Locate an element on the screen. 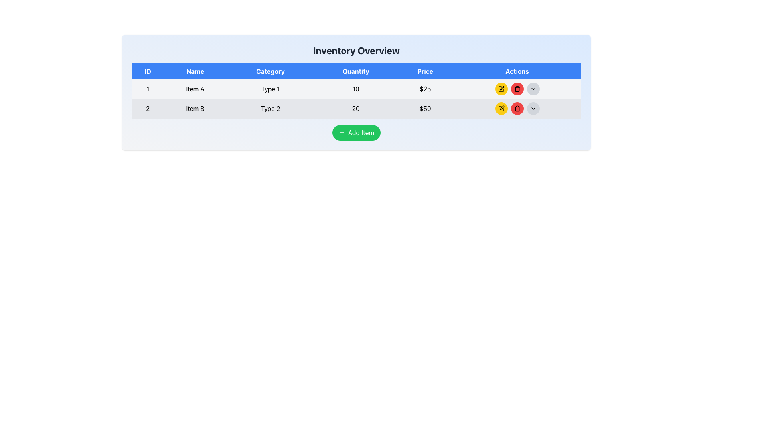  the distinctive green pill-shaped button labeled 'Add Item' is located at coordinates (356, 132).